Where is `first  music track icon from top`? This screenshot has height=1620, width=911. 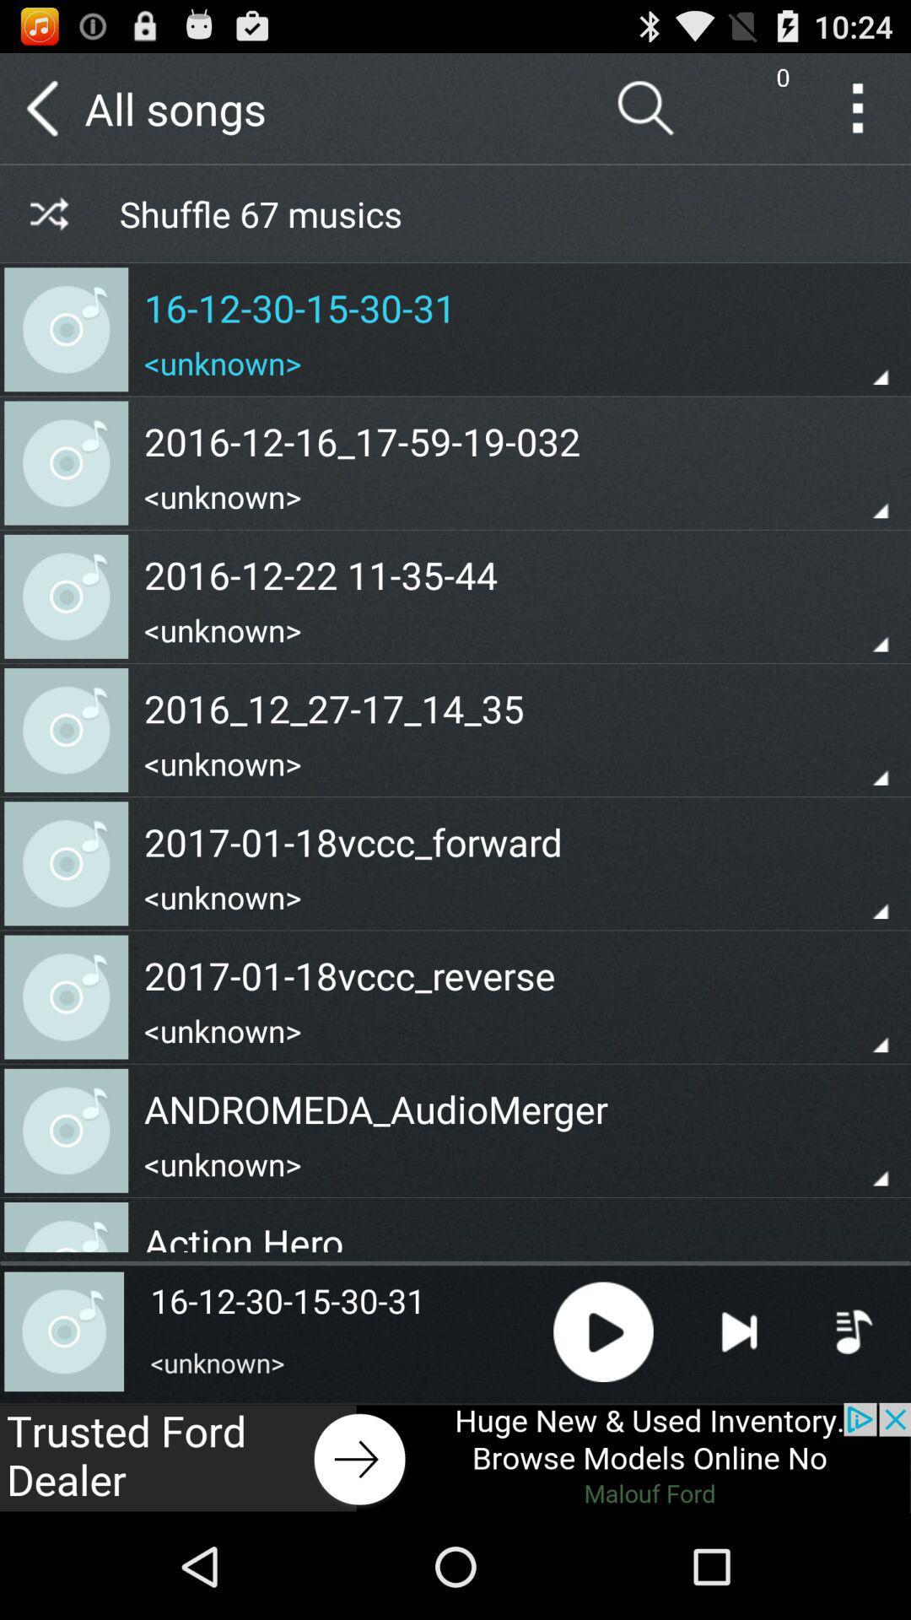 first  music track icon from top is located at coordinates (65, 329).